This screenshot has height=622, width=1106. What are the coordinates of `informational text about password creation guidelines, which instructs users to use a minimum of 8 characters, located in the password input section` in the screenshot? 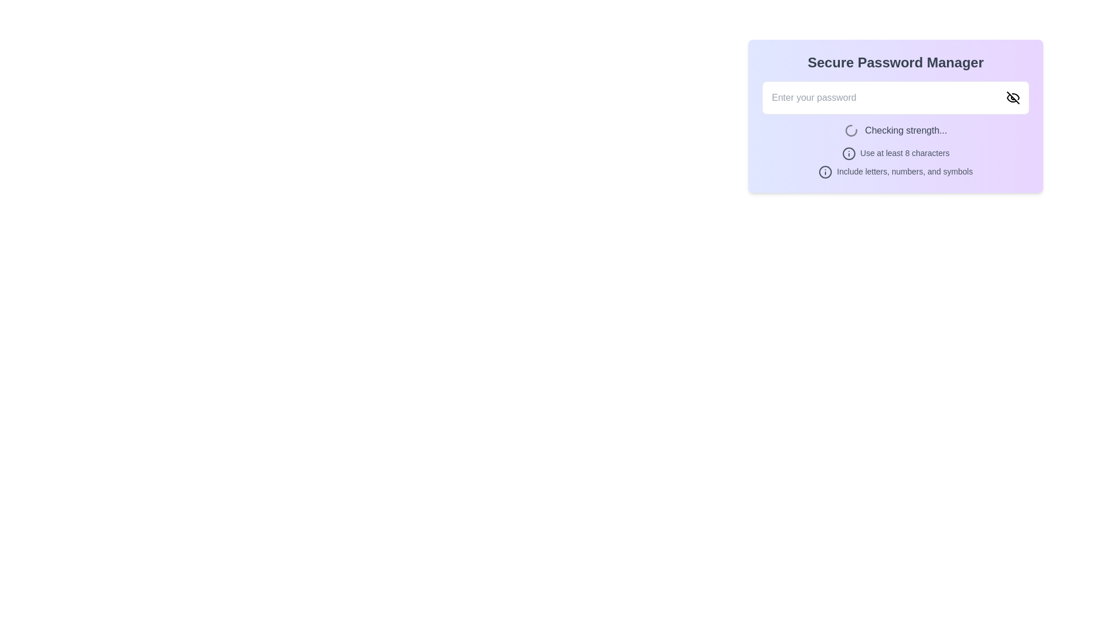 It's located at (895, 153).